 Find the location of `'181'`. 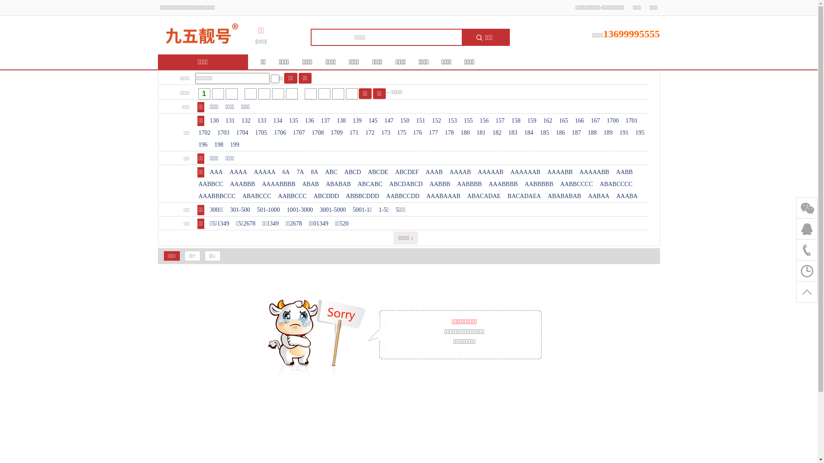

'181' is located at coordinates (481, 132).